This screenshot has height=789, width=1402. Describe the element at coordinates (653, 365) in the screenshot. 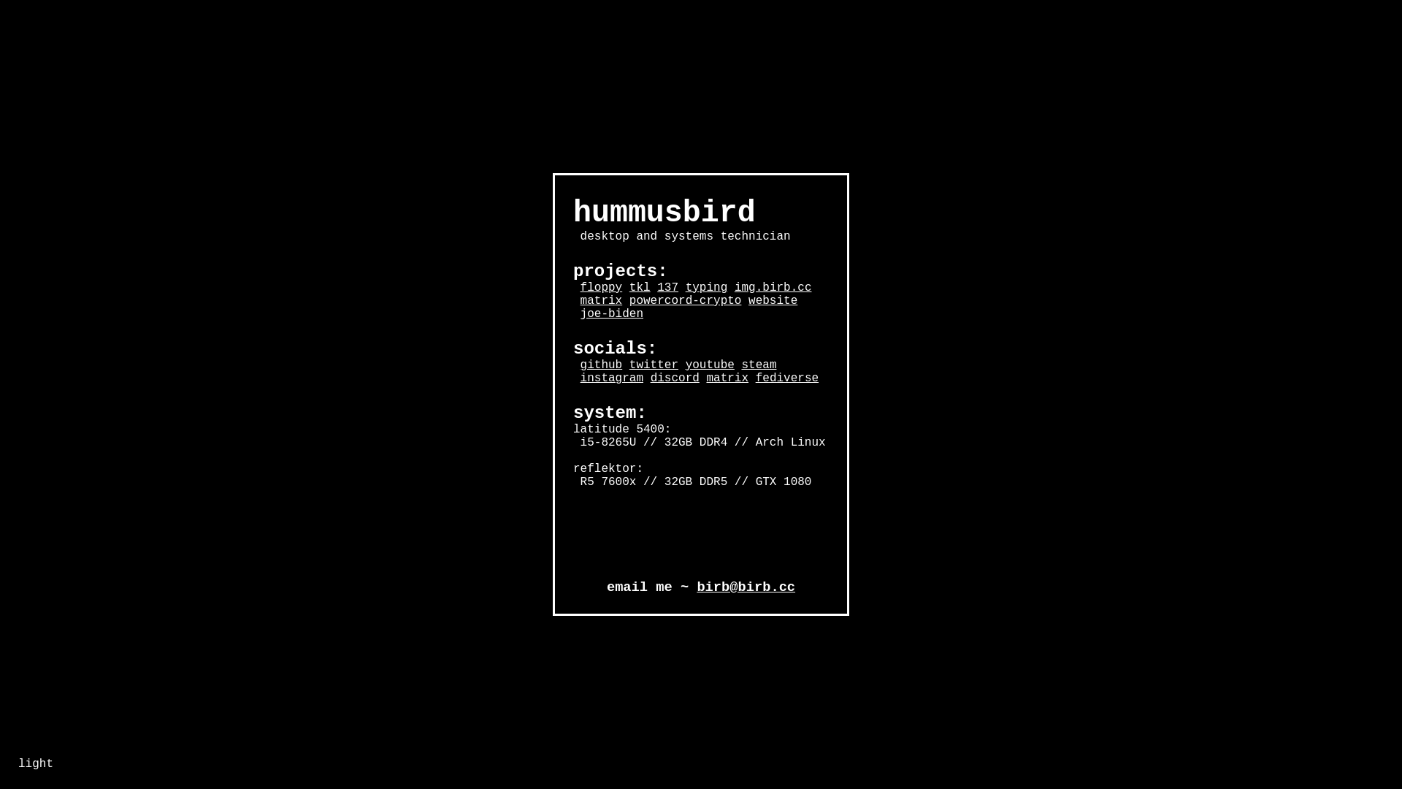

I see `'twitter'` at that location.